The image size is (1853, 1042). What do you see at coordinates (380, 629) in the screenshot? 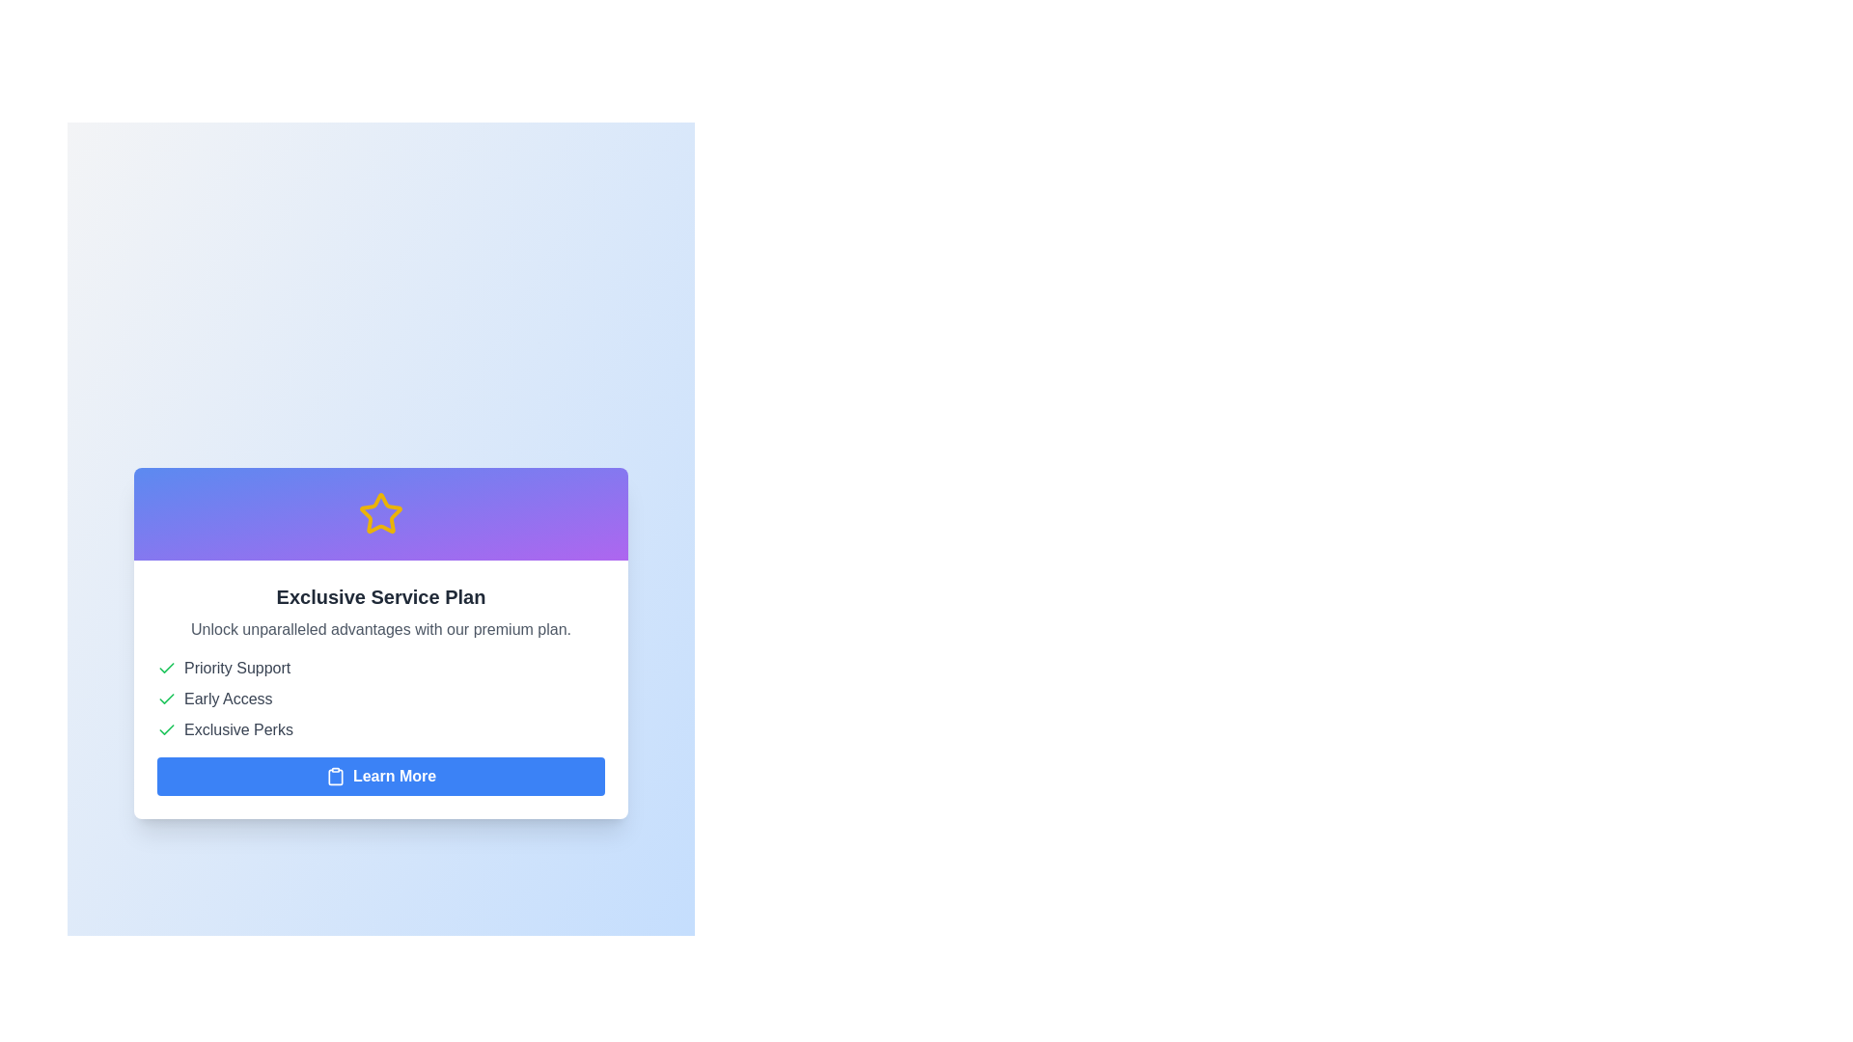
I see `the static text label that provides a summary of the benefits of the premium plan, positioned below the 'Exclusive Service Plan' header and above the bullet points describing features` at bounding box center [380, 629].